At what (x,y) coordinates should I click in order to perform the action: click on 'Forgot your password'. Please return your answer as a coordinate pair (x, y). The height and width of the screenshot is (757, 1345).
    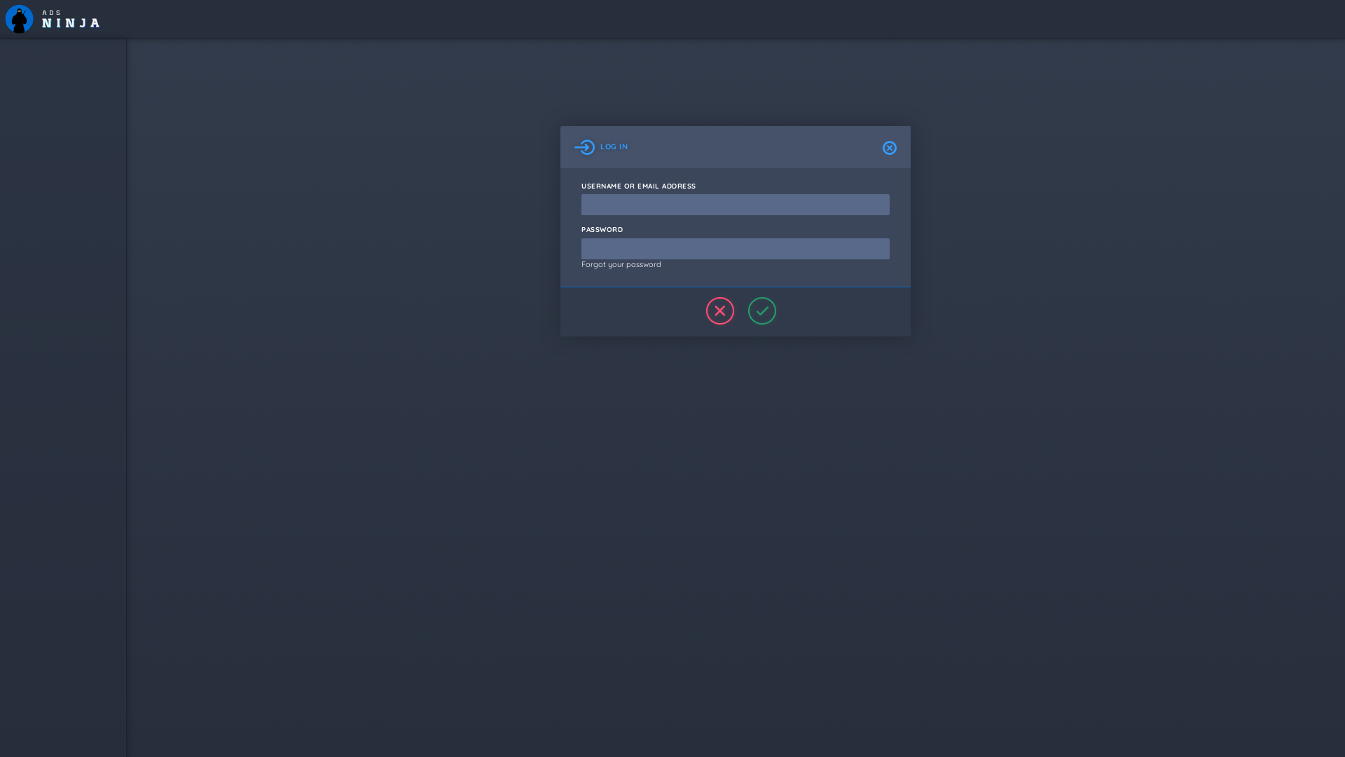
    Looking at the image, I should click on (621, 264).